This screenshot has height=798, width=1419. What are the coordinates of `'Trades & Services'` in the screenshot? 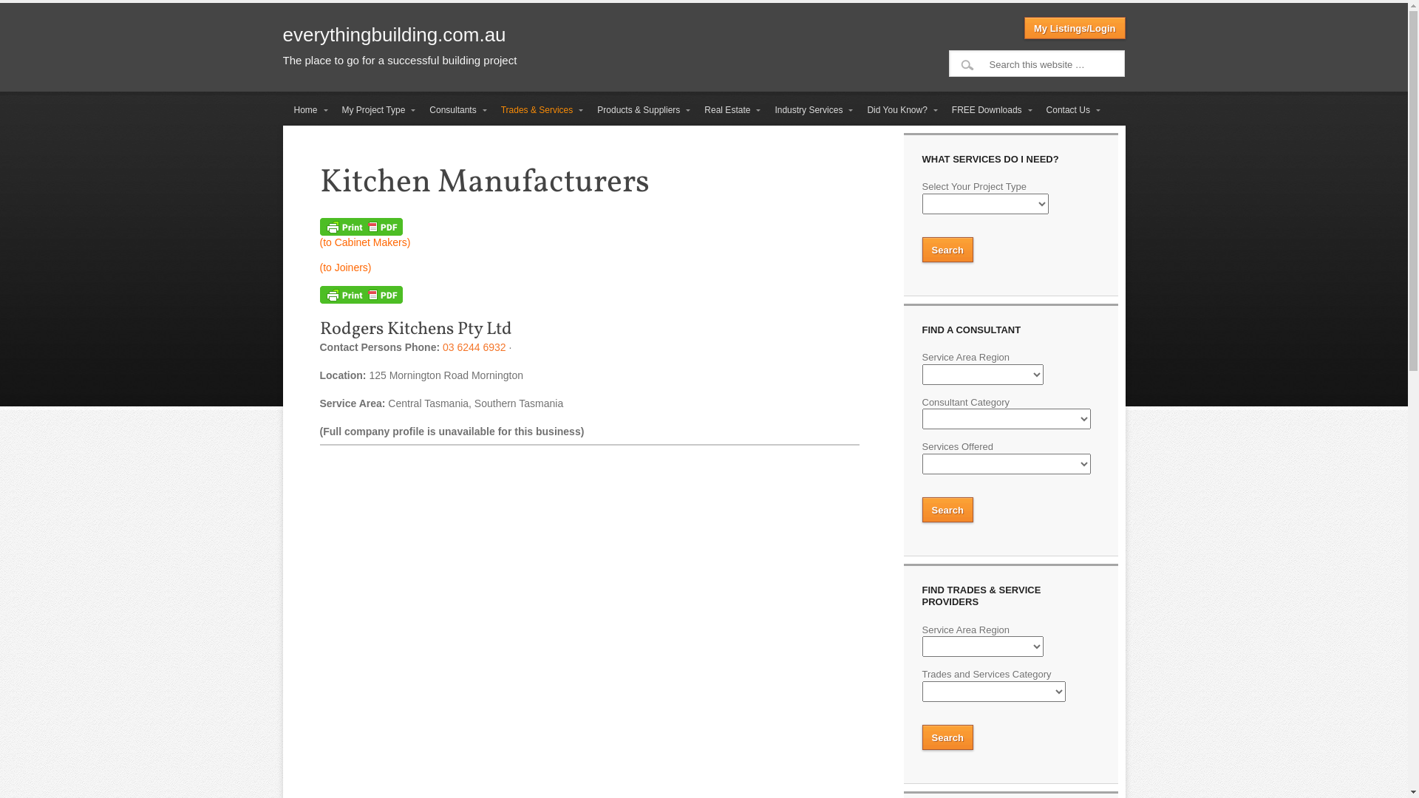 It's located at (537, 109).